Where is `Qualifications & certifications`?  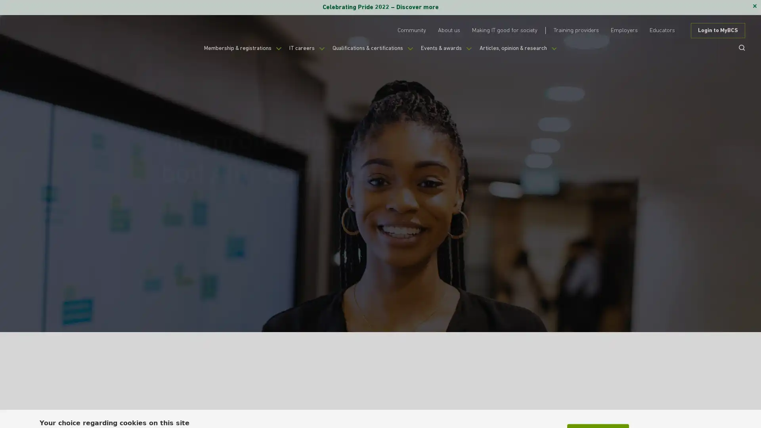
Qualifications & certifications is located at coordinates (372, 52).